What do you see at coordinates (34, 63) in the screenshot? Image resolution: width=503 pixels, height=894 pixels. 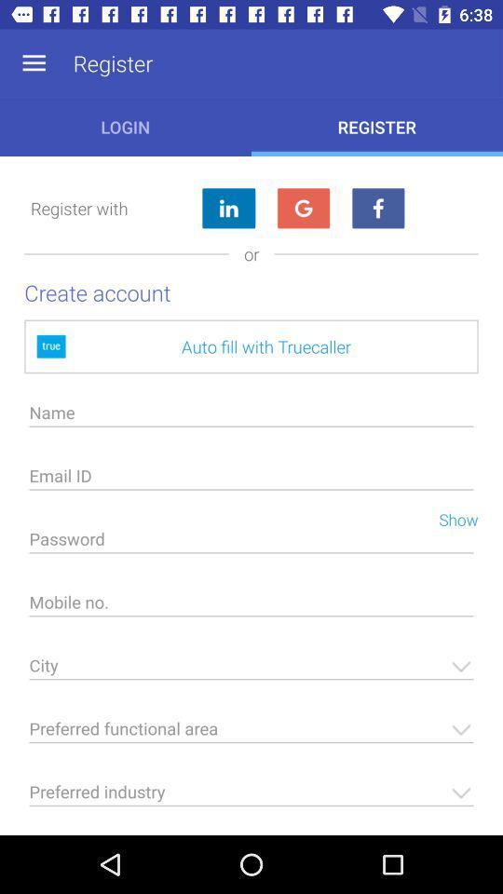 I see `the icon to the left of the register app` at bounding box center [34, 63].